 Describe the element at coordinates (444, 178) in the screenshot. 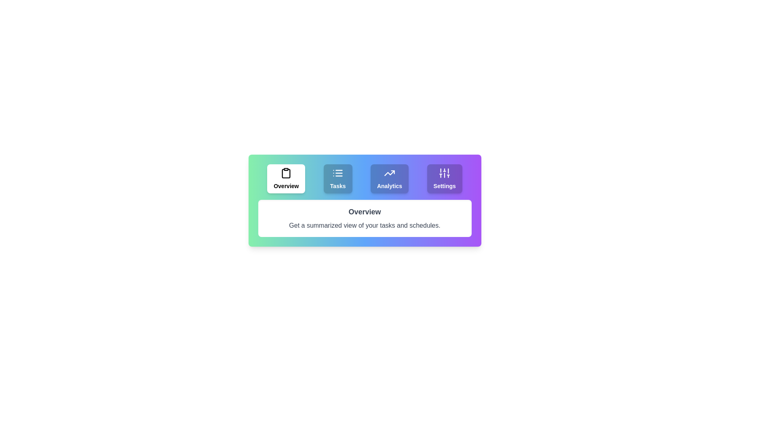

I see `the Settings tab to view its content` at that location.